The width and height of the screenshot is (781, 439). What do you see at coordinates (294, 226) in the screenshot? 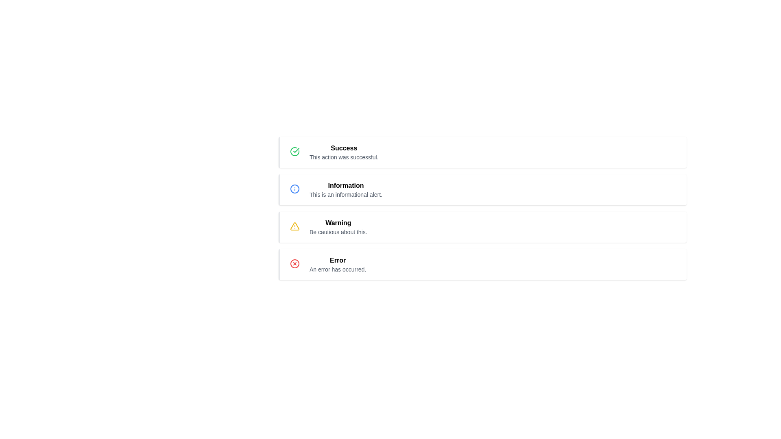
I see `the warning icon located in the third row of the alert list, adjacent to the text reading 'Warning'` at bounding box center [294, 226].